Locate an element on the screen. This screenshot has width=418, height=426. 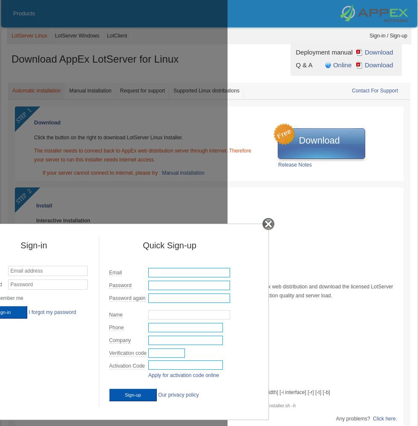
'Phone' is located at coordinates (116, 328).